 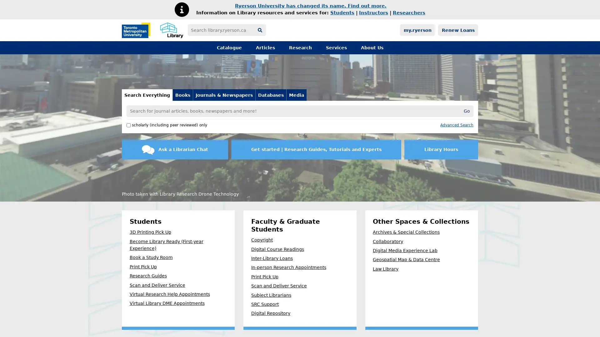 What do you see at coordinates (467, 110) in the screenshot?
I see `Go` at bounding box center [467, 110].